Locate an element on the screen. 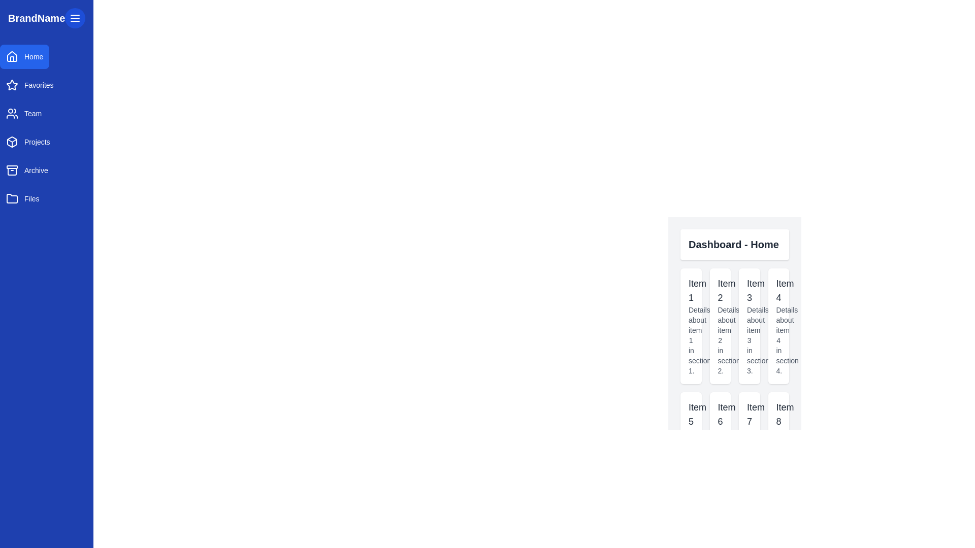 Image resolution: width=975 pixels, height=548 pixels. the text label displaying the caption 'Item 6' is located at coordinates (720, 415).